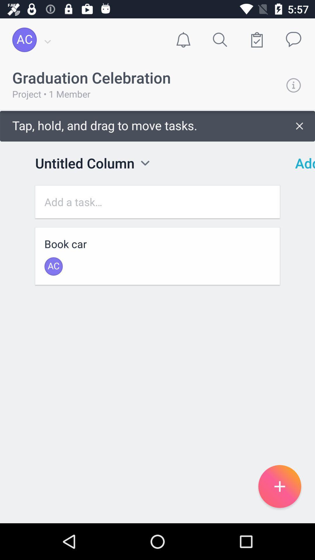 The image size is (315, 560). Describe the element at coordinates (301, 163) in the screenshot. I see `item next to tap hold and item` at that location.